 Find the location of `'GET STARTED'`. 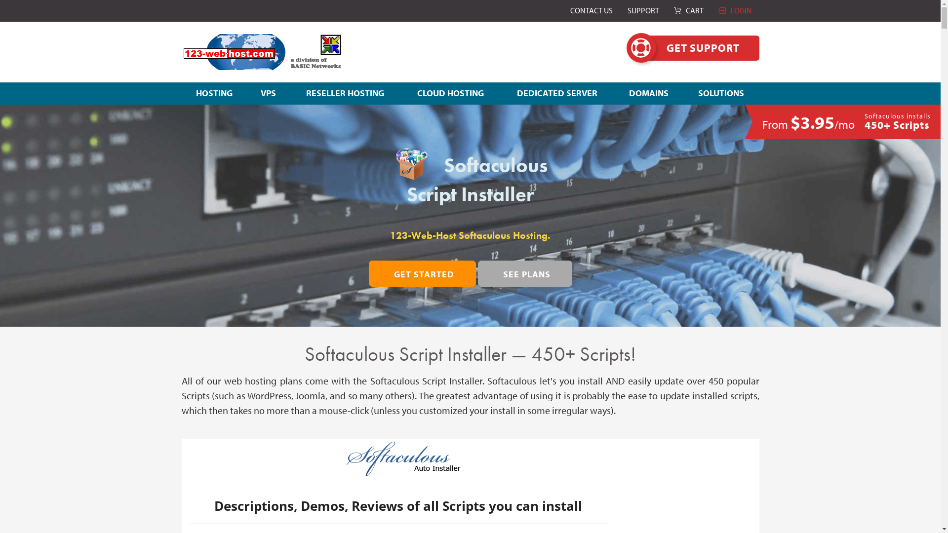

'GET STARTED' is located at coordinates (422, 273).